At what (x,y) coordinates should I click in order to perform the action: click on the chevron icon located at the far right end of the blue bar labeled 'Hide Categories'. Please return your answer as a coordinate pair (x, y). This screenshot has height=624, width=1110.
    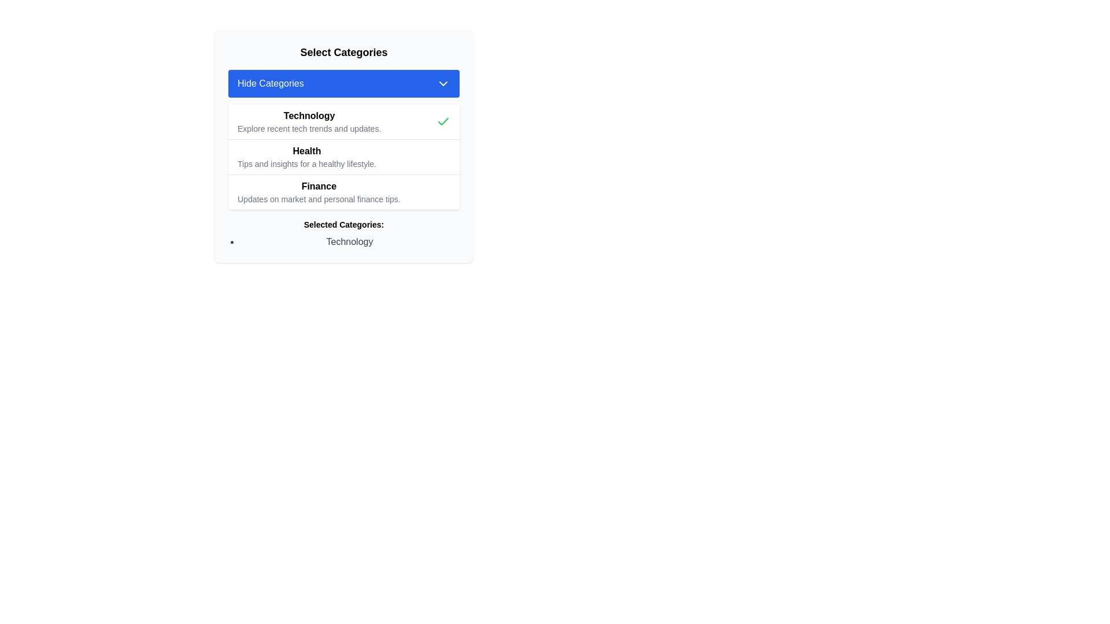
    Looking at the image, I should click on (443, 83).